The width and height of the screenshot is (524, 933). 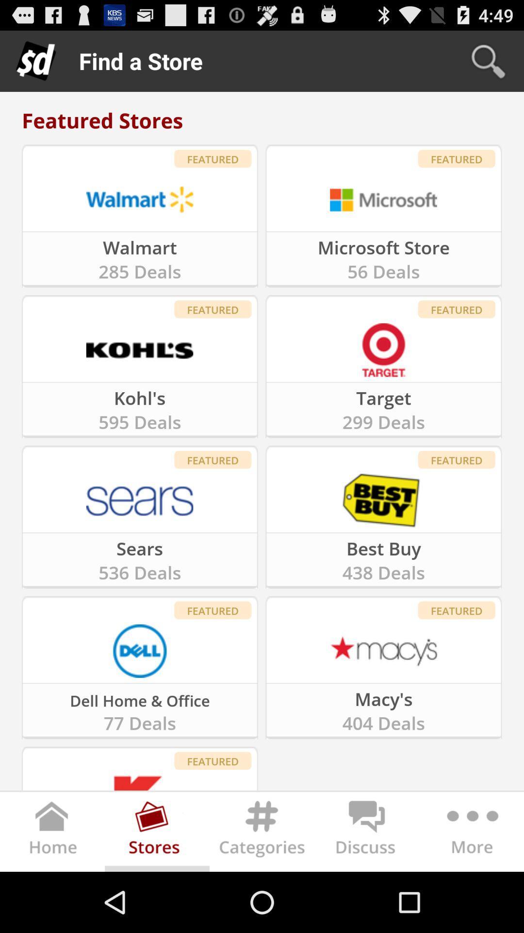 What do you see at coordinates (52, 892) in the screenshot?
I see `the home icon` at bounding box center [52, 892].